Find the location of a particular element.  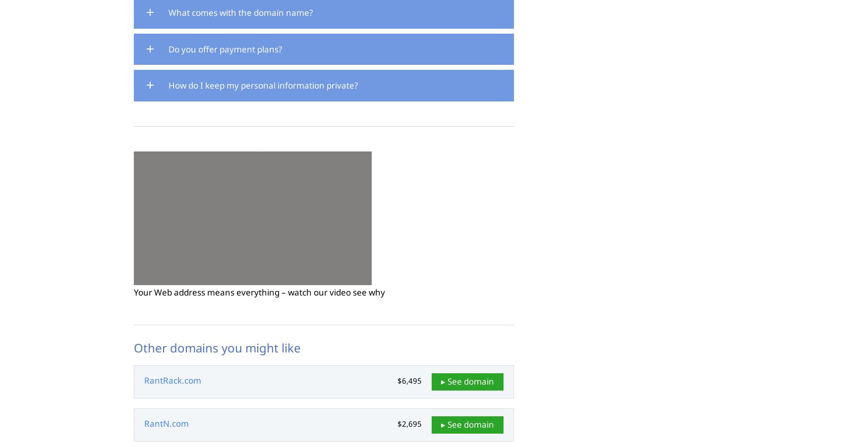

'Do you offer payment plans?' is located at coordinates (224, 49).